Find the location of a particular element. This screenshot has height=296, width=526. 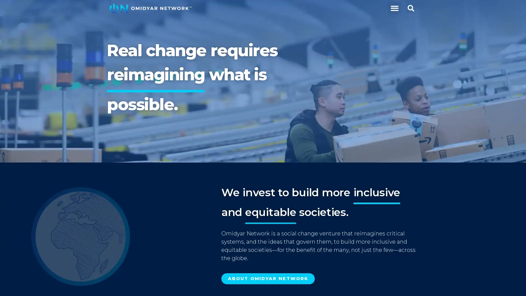

Menu Toggle is located at coordinates (394, 8).